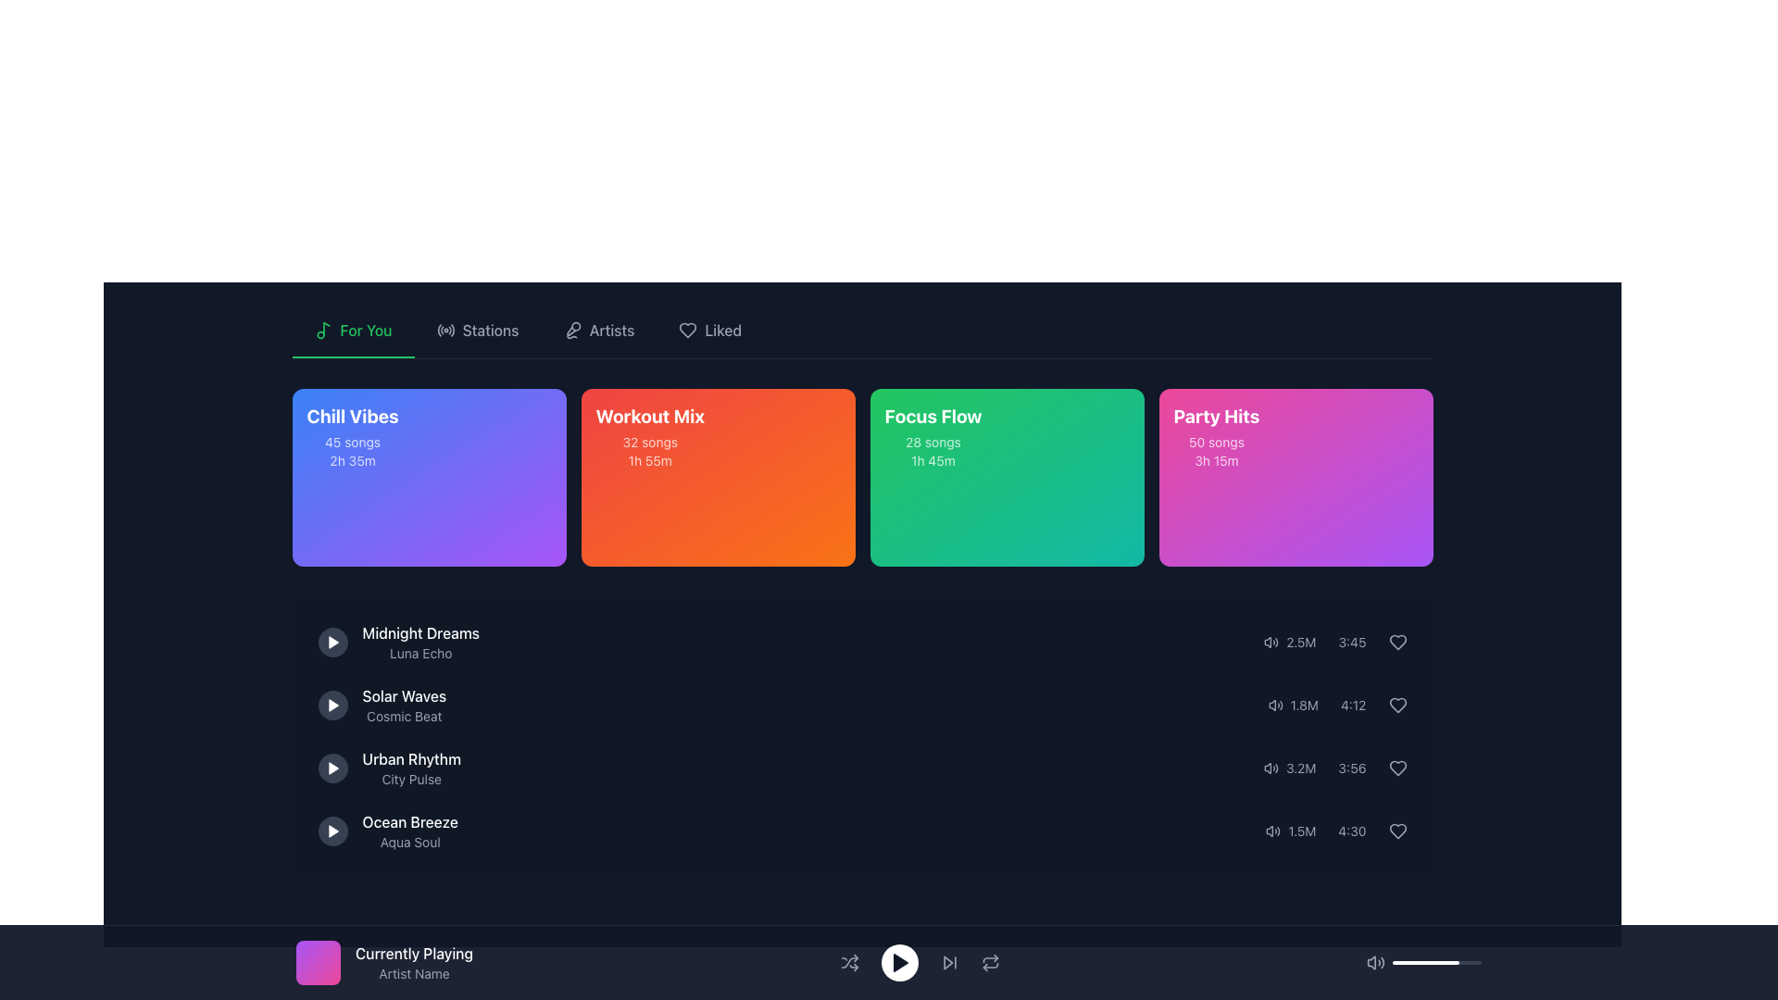  I want to click on the 'For You' text label element in the navigation bar, which is displayed in green on a dark background and is the second item from the left, so click(366, 330).